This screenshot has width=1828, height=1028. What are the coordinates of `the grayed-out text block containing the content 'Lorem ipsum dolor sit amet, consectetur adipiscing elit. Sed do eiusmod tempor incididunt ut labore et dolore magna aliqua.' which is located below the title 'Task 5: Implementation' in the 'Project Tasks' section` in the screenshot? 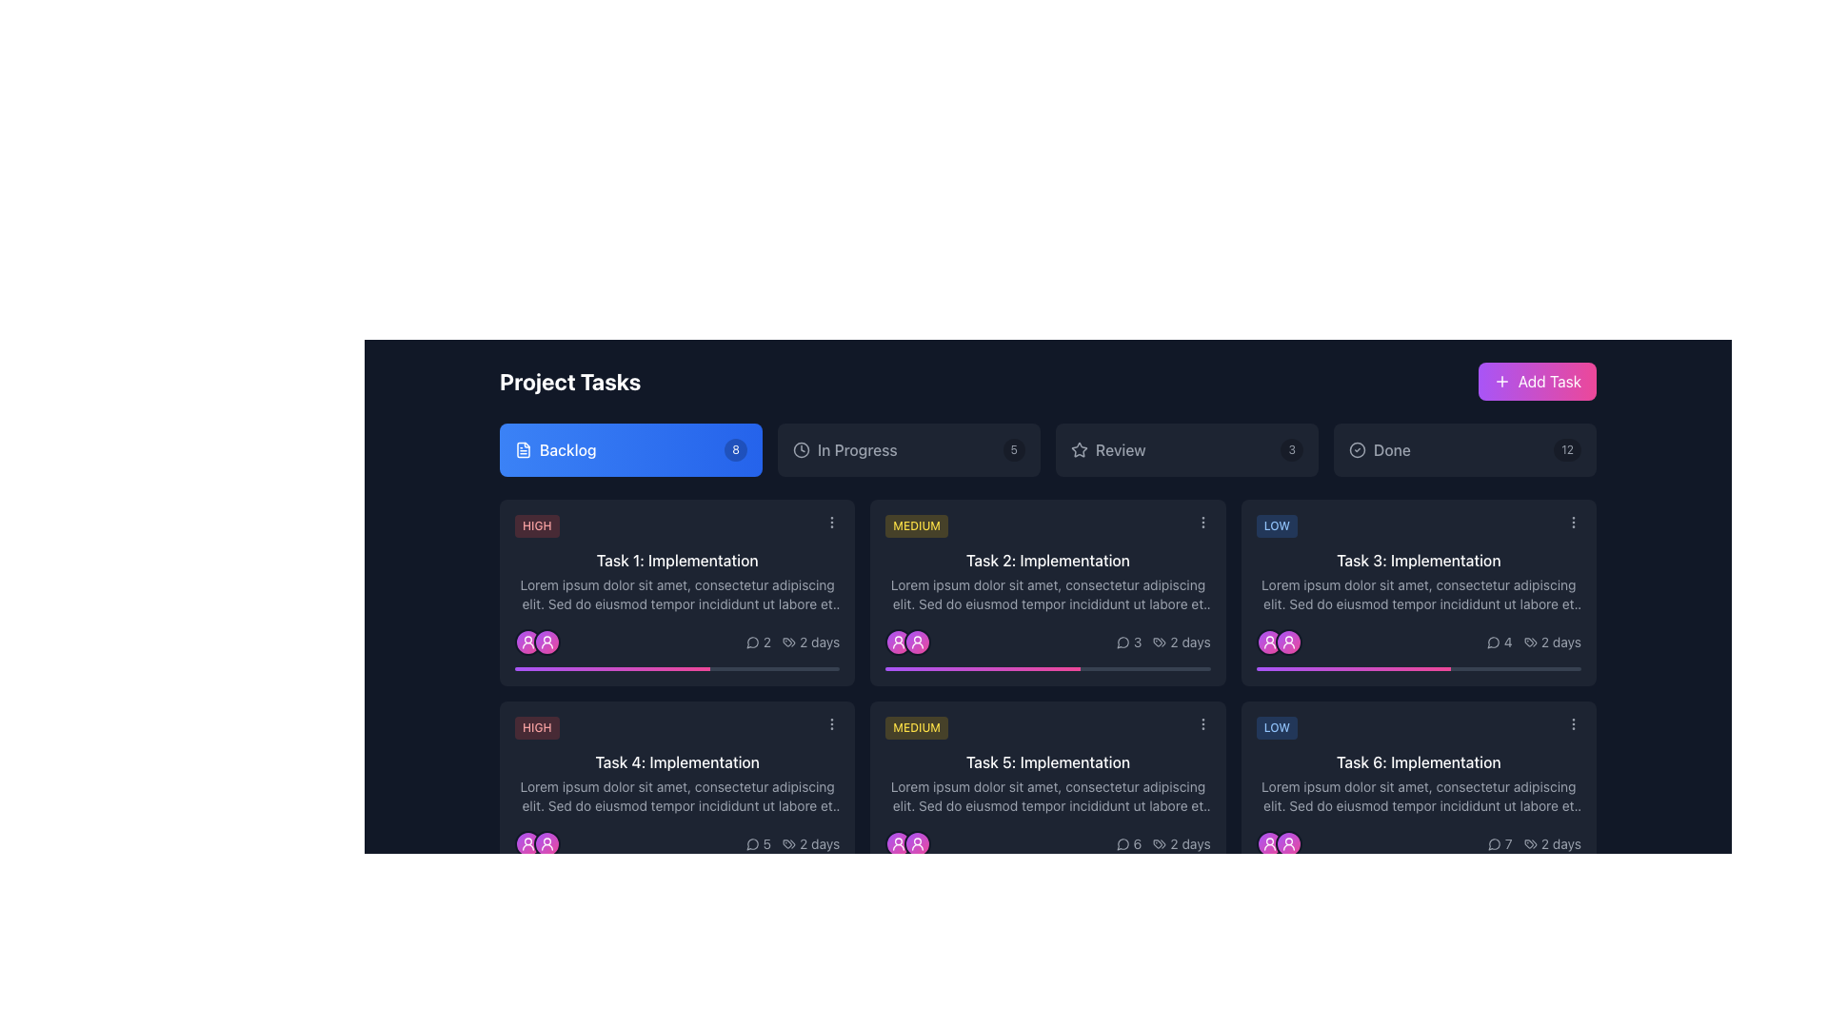 It's located at (1046, 797).